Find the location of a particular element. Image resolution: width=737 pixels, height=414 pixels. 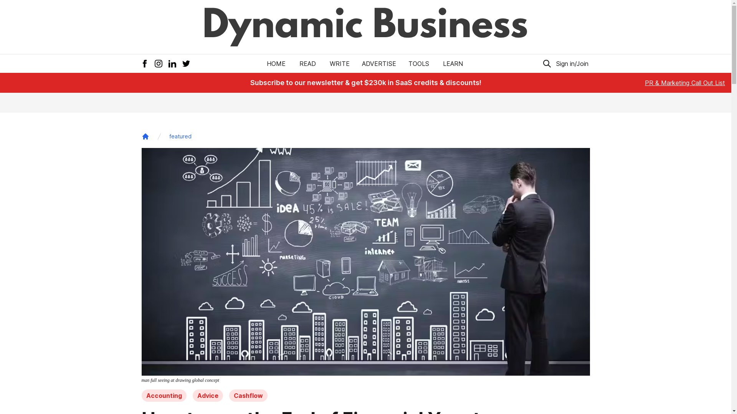

'Sign in/Join' is located at coordinates (554, 63).